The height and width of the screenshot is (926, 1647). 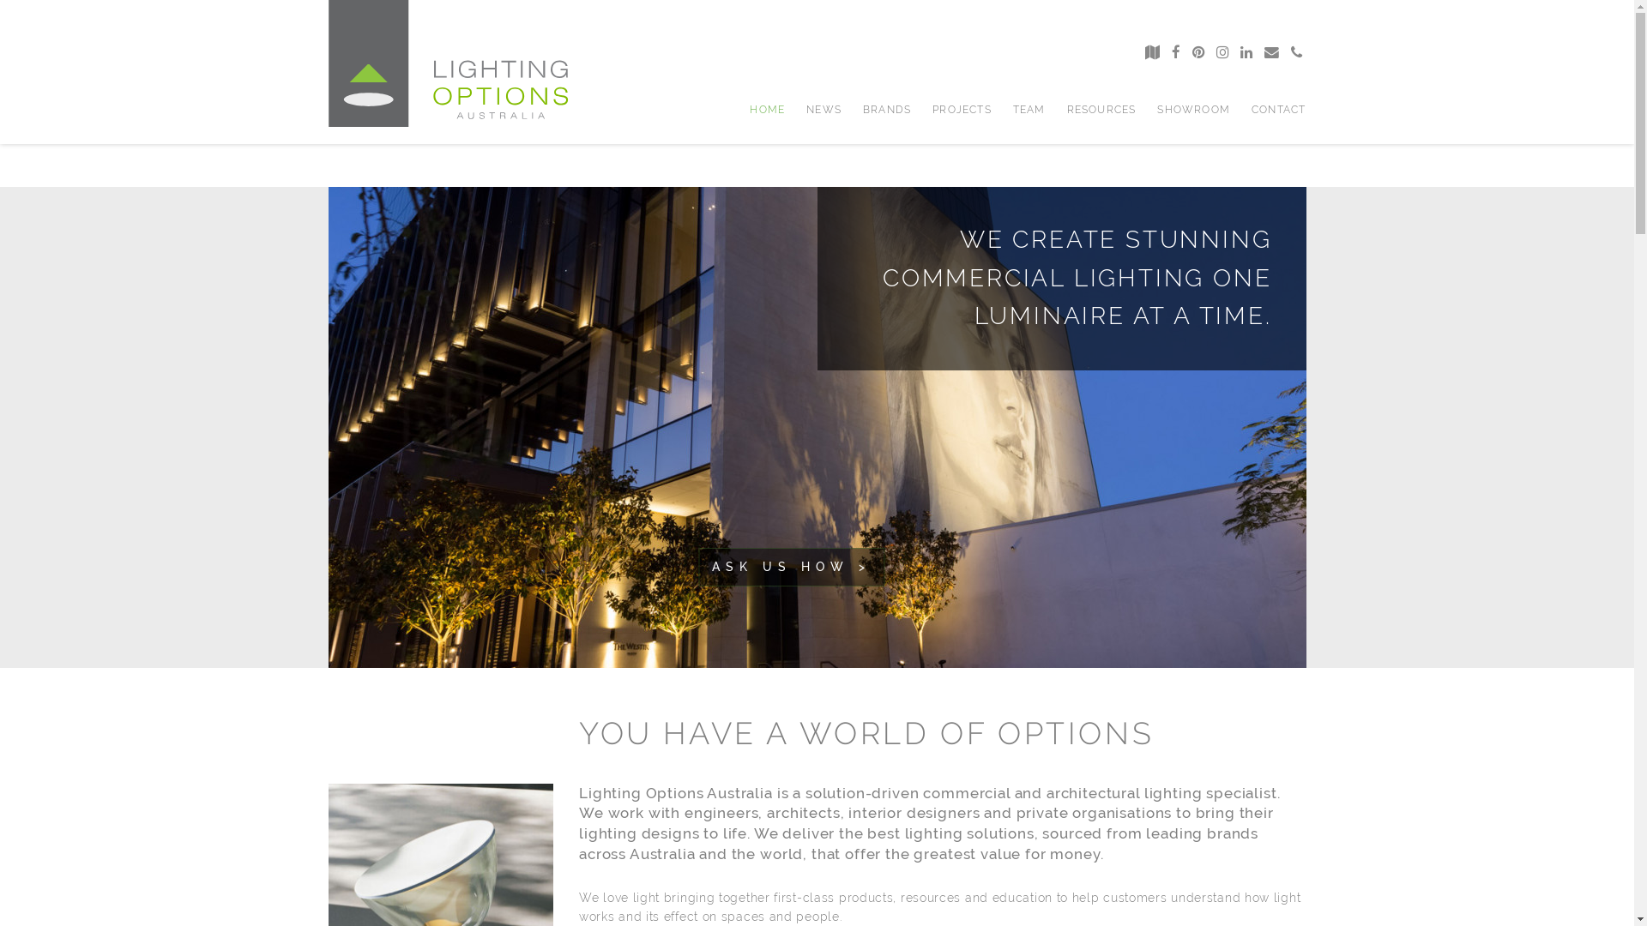 What do you see at coordinates (749, 109) in the screenshot?
I see `'HOME'` at bounding box center [749, 109].